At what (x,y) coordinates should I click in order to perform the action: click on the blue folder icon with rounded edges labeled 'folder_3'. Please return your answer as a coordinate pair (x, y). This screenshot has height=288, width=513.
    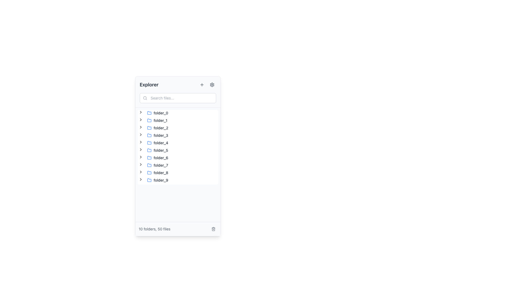
    Looking at the image, I should click on (149, 135).